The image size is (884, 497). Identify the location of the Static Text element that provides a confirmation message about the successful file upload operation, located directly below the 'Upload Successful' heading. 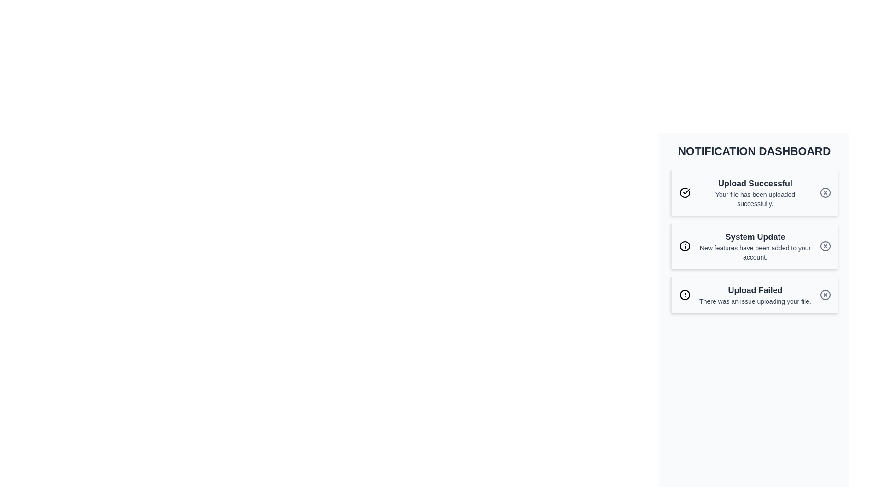
(755, 198).